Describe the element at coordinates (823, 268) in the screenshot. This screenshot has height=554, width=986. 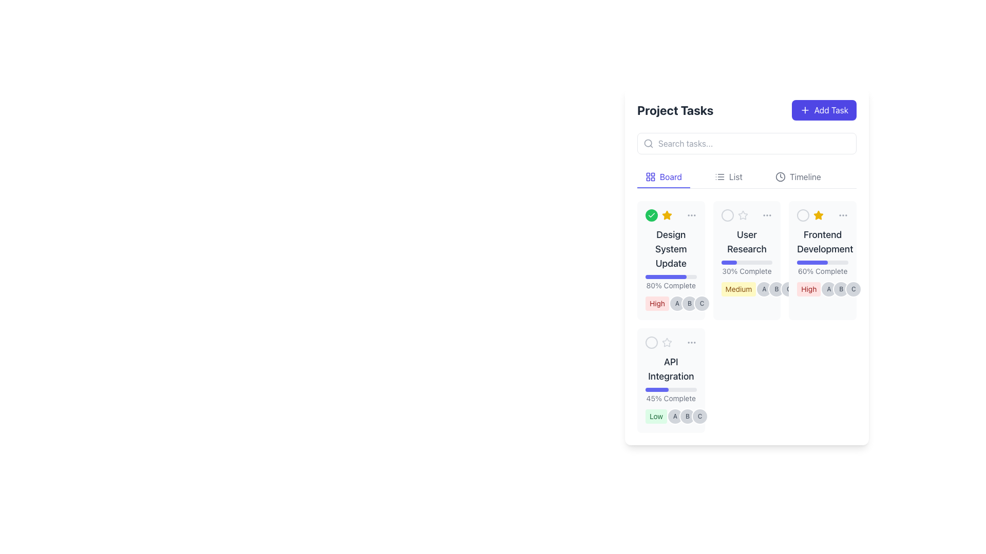
I see `the label displaying '60% Complete', located beneath the purple progress bar in the 'Frontend Development' card, which is the second card from the top in the rightmost column of cards` at that location.